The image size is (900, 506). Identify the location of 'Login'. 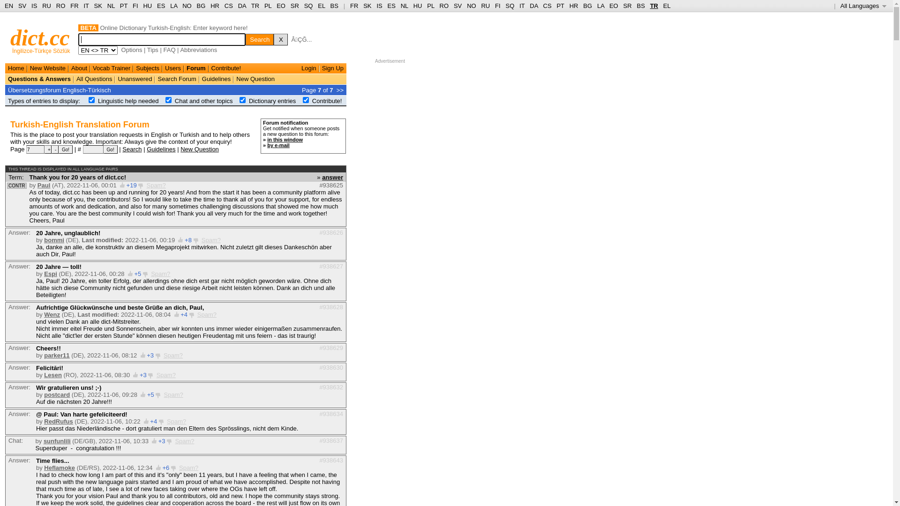
(308, 67).